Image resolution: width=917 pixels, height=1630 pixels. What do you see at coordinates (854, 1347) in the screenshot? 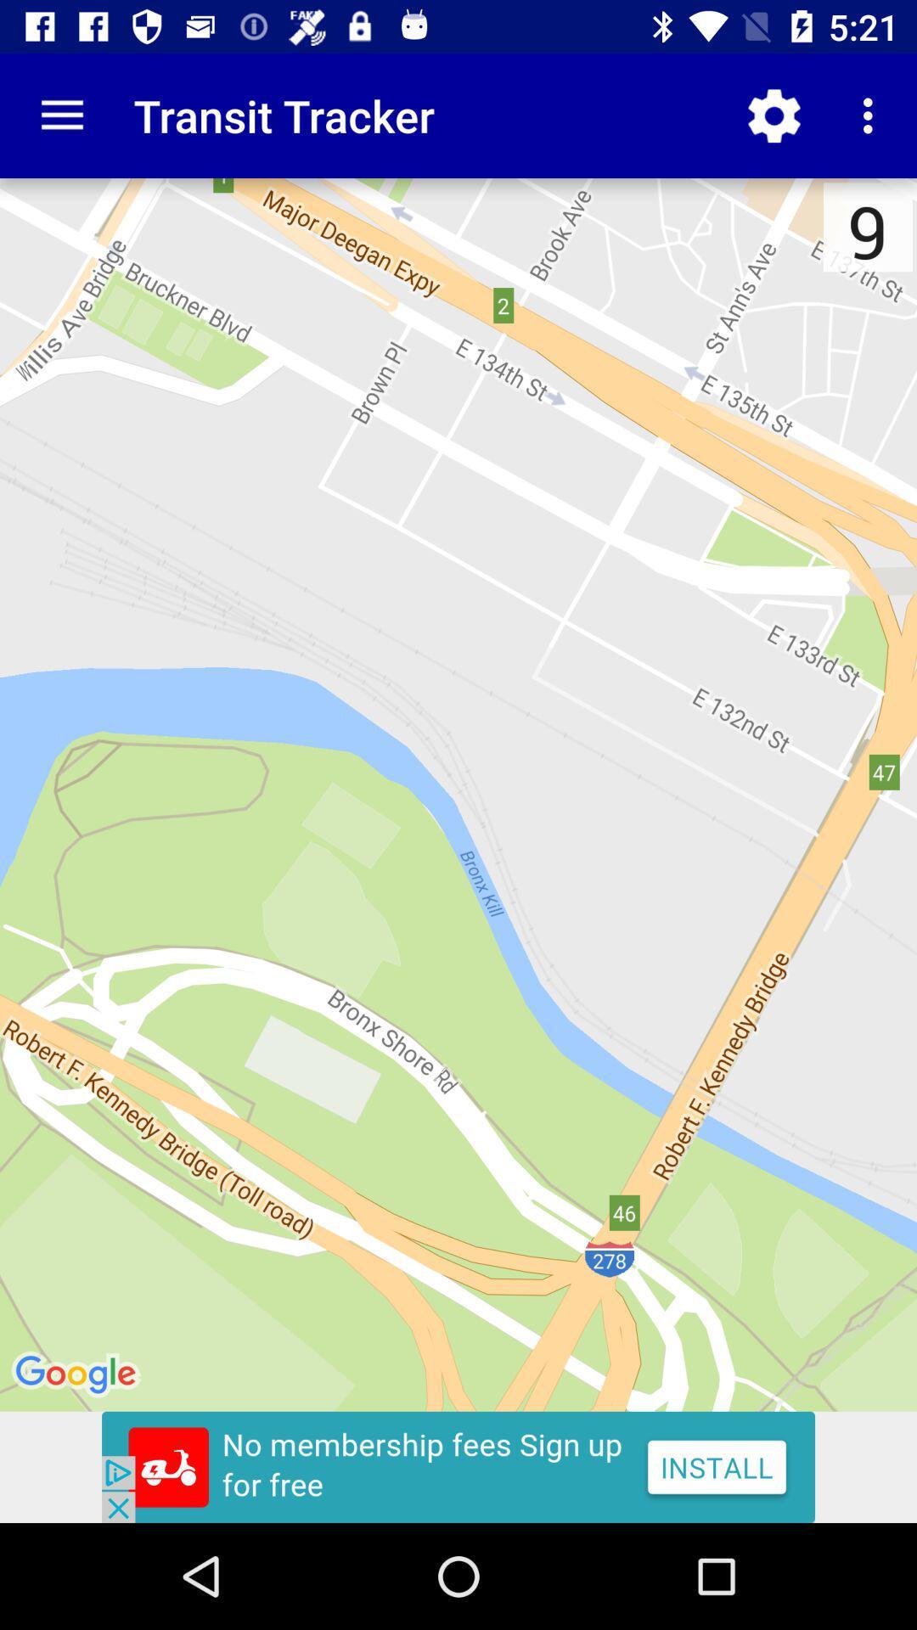
I see `the edit icon` at bounding box center [854, 1347].